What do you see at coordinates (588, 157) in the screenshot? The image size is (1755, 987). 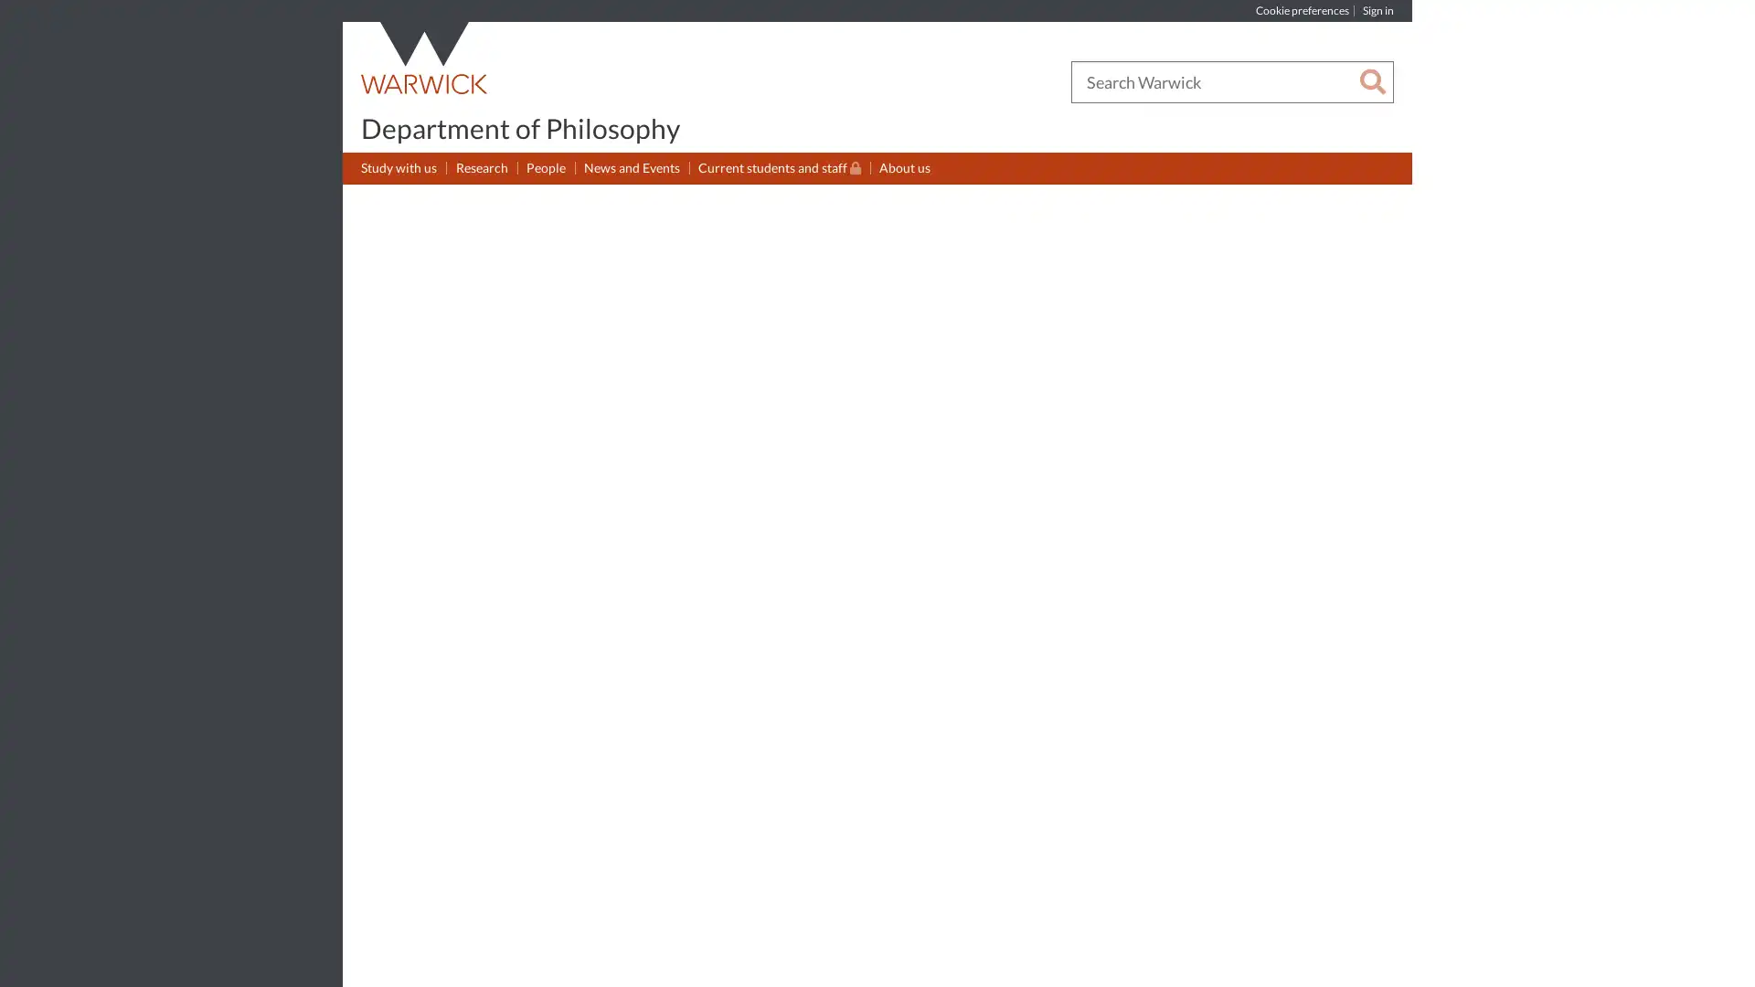 I see `Show submenu for News and Events` at bounding box center [588, 157].